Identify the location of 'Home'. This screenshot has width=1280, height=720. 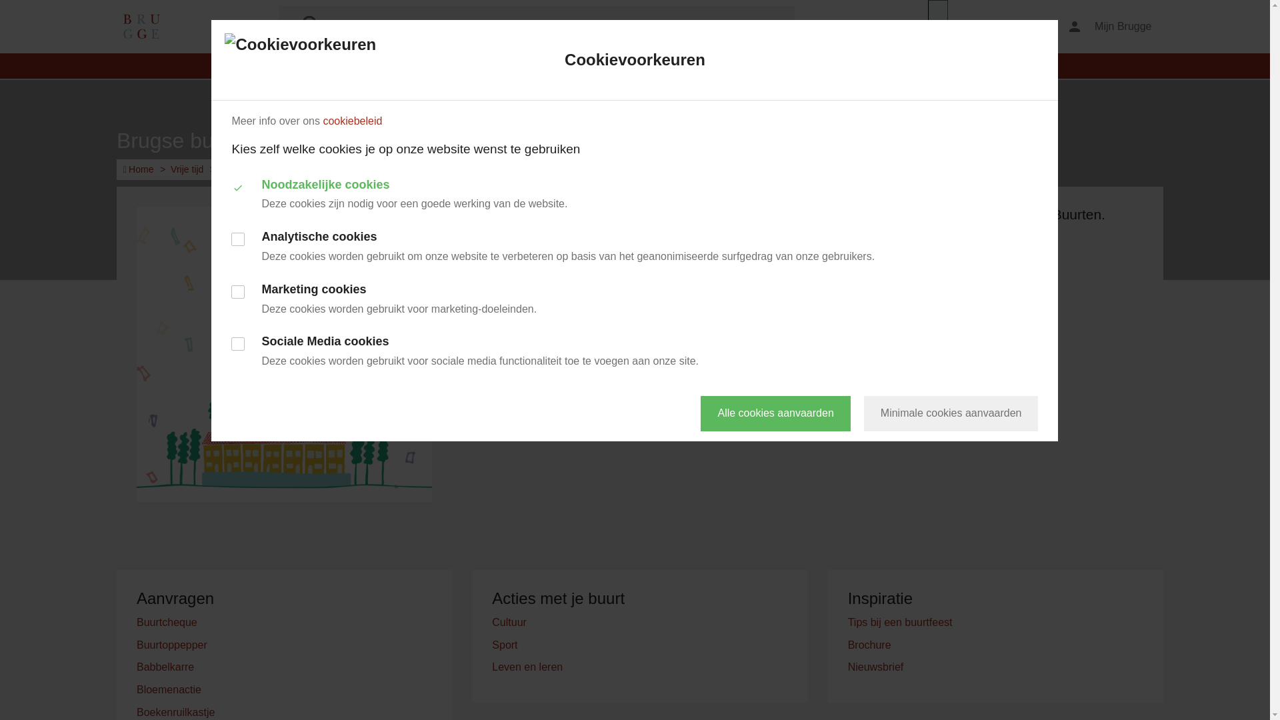
(138, 169).